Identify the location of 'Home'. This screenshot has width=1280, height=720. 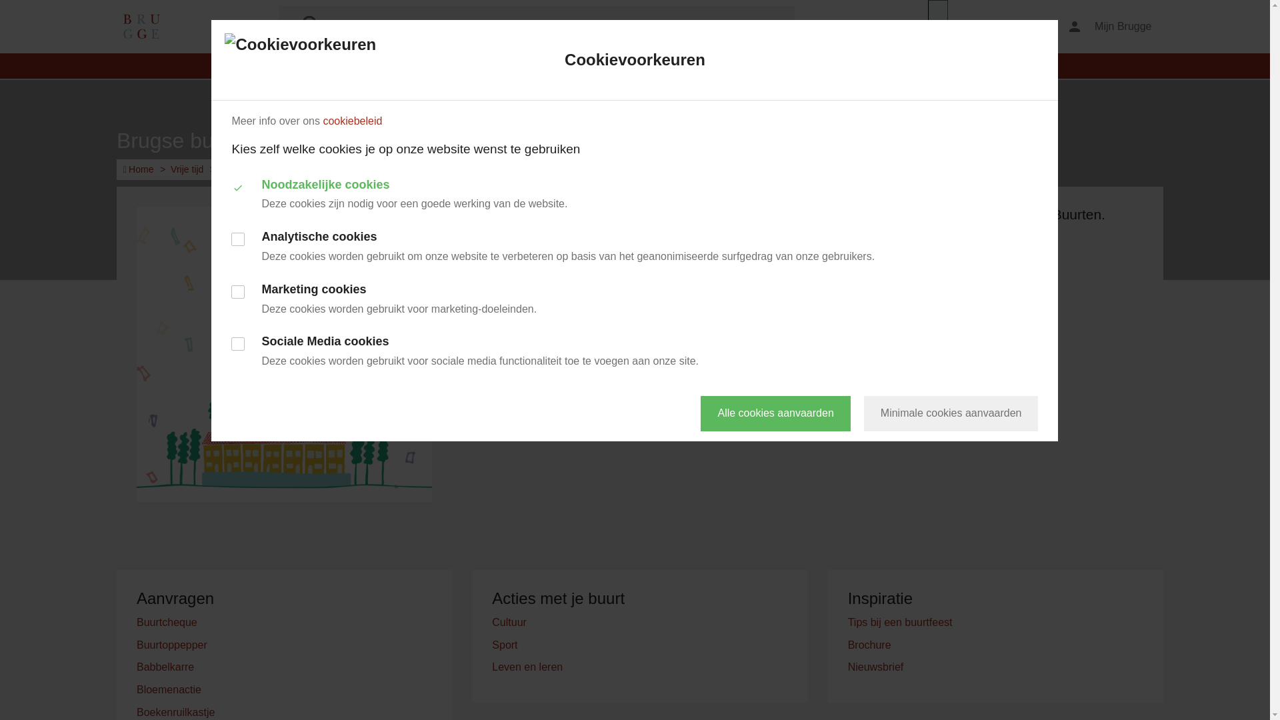
(138, 169).